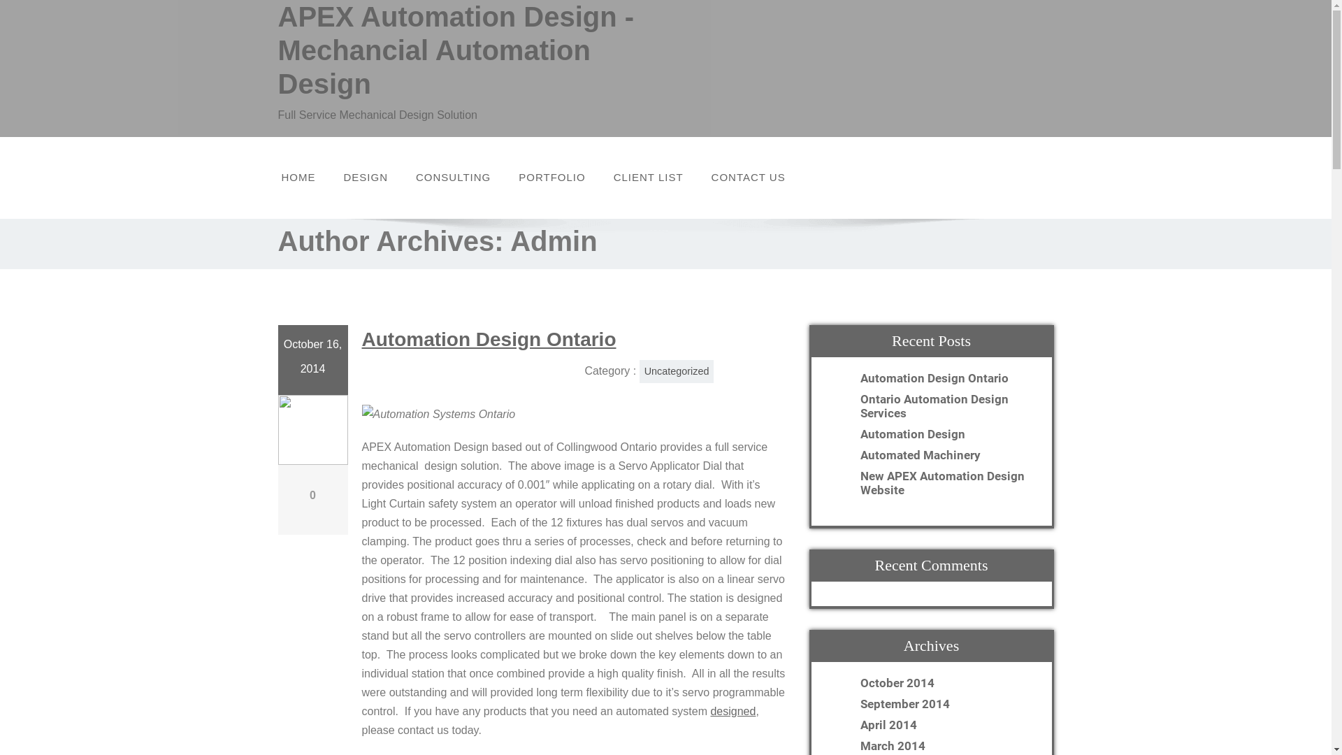  What do you see at coordinates (600, 177) in the screenshot?
I see `'CLIENT LIST'` at bounding box center [600, 177].